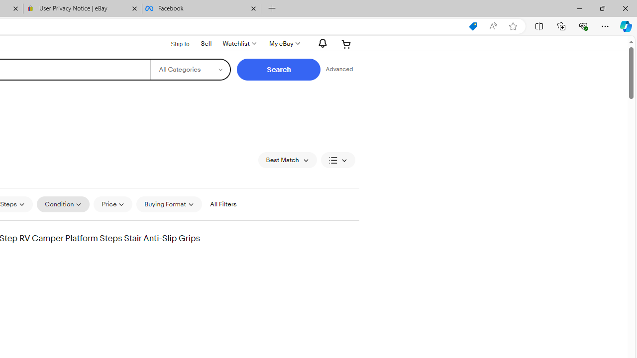 The image size is (637, 358). What do you see at coordinates (169, 204) in the screenshot?
I see `'Buying Format'` at bounding box center [169, 204].